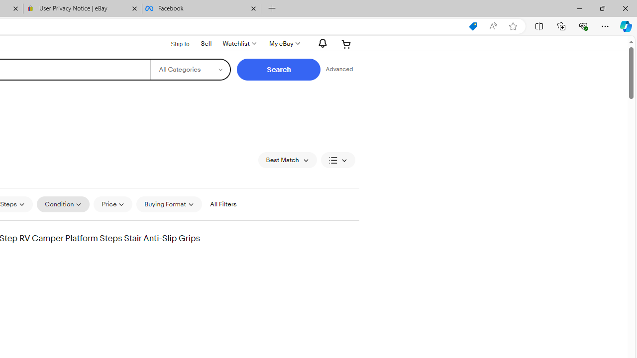 The image size is (637, 358). What do you see at coordinates (169, 204) in the screenshot?
I see `'Buying Format'` at bounding box center [169, 204].